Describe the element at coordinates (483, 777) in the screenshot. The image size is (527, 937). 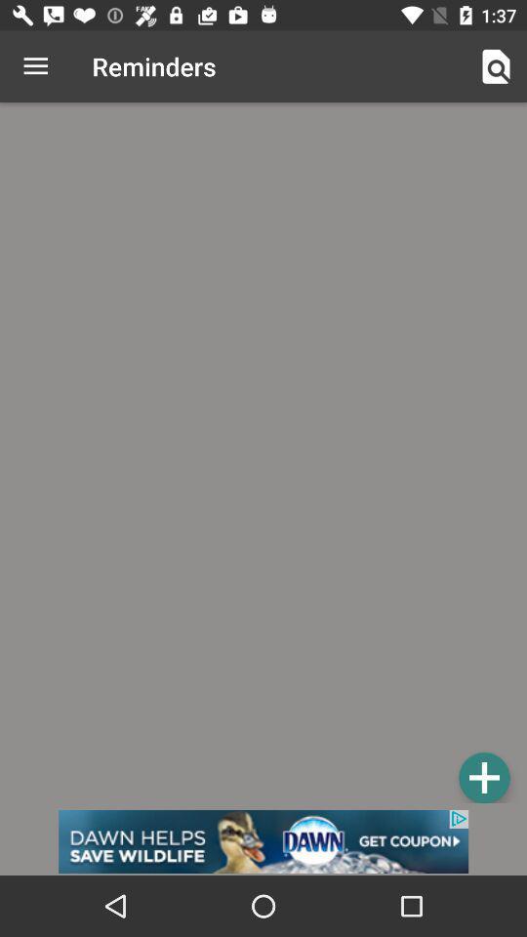
I see `the add icon` at that location.